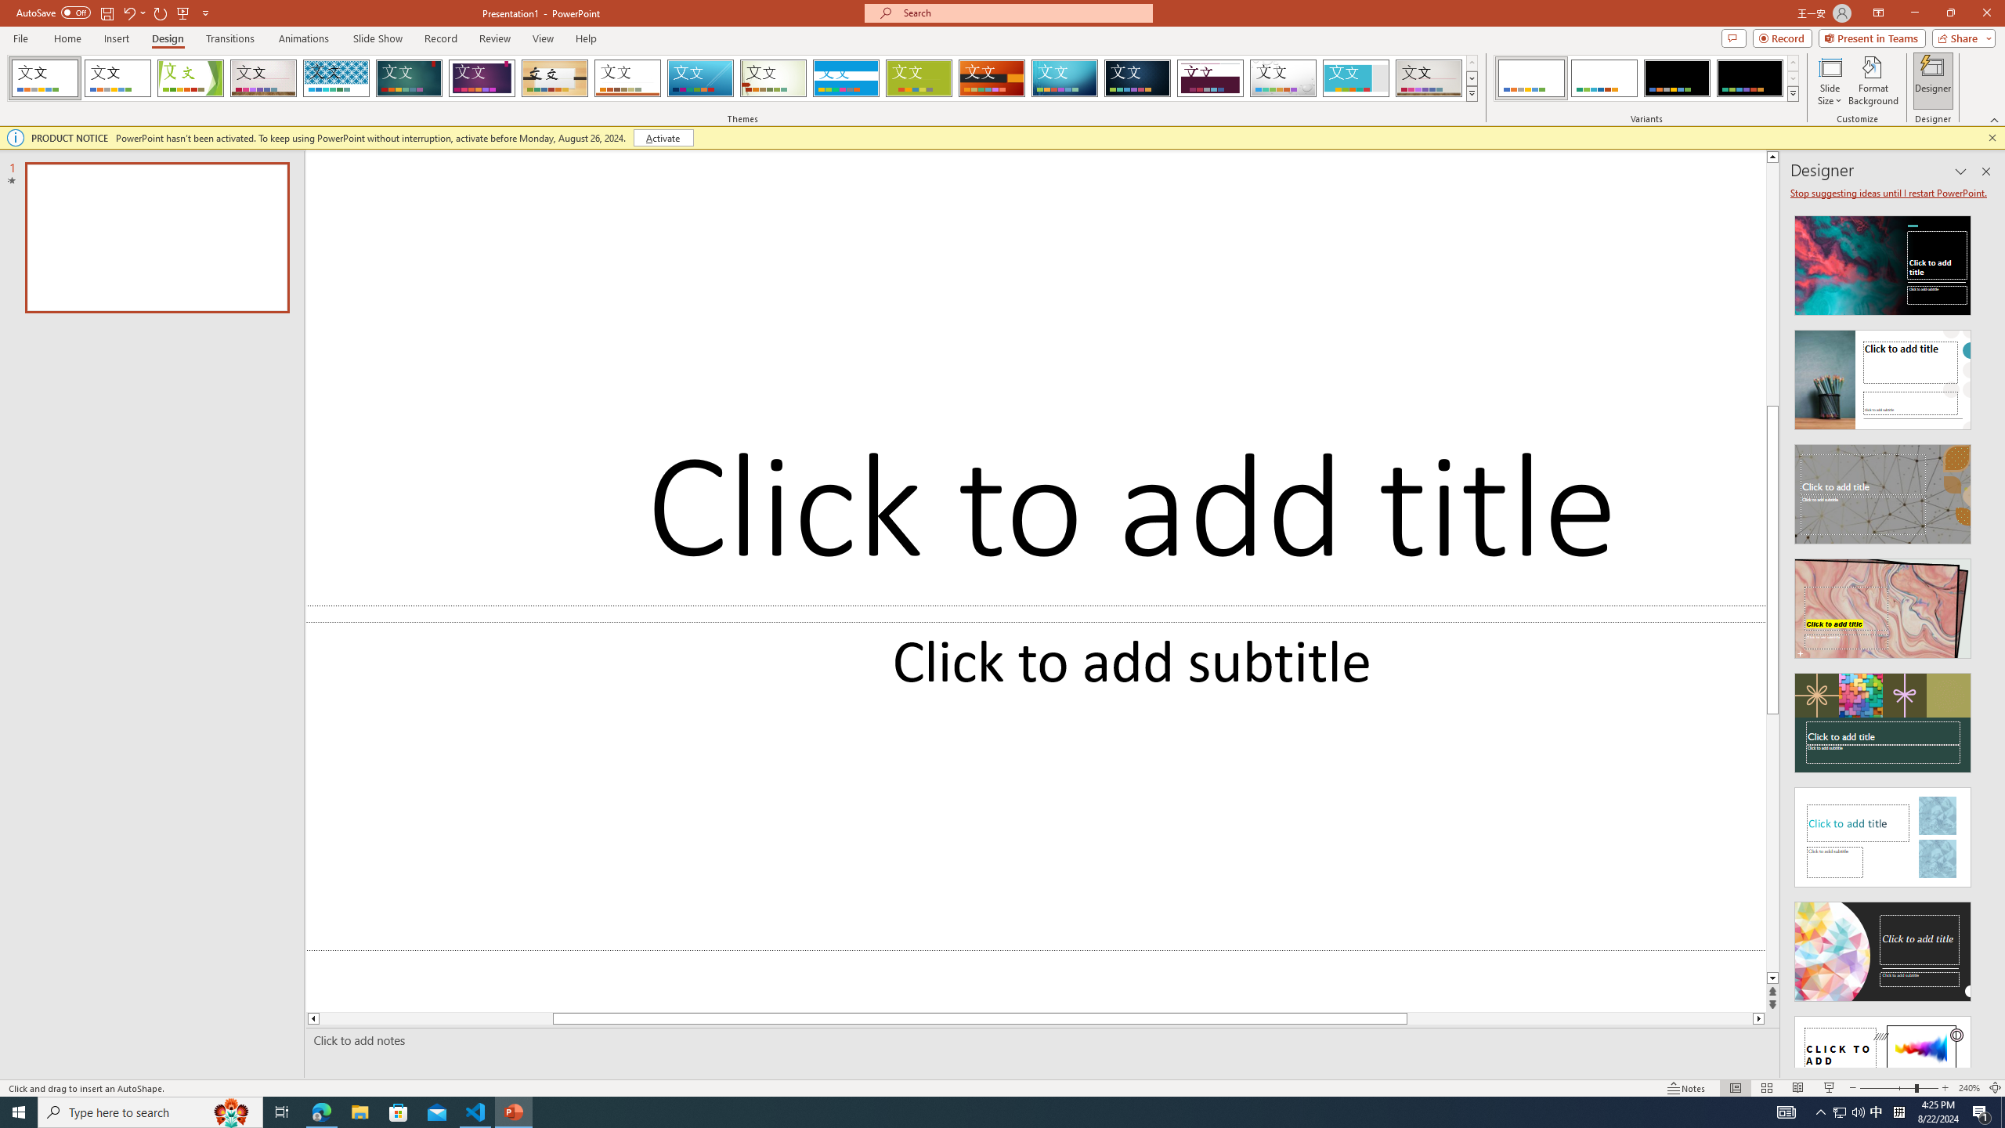 The width and height of the screenshot is (2005, 1128). What do you see at coordinates (992, 78) in the screenshot?
I see `'Berlin'` at bounding box center [992, 78].